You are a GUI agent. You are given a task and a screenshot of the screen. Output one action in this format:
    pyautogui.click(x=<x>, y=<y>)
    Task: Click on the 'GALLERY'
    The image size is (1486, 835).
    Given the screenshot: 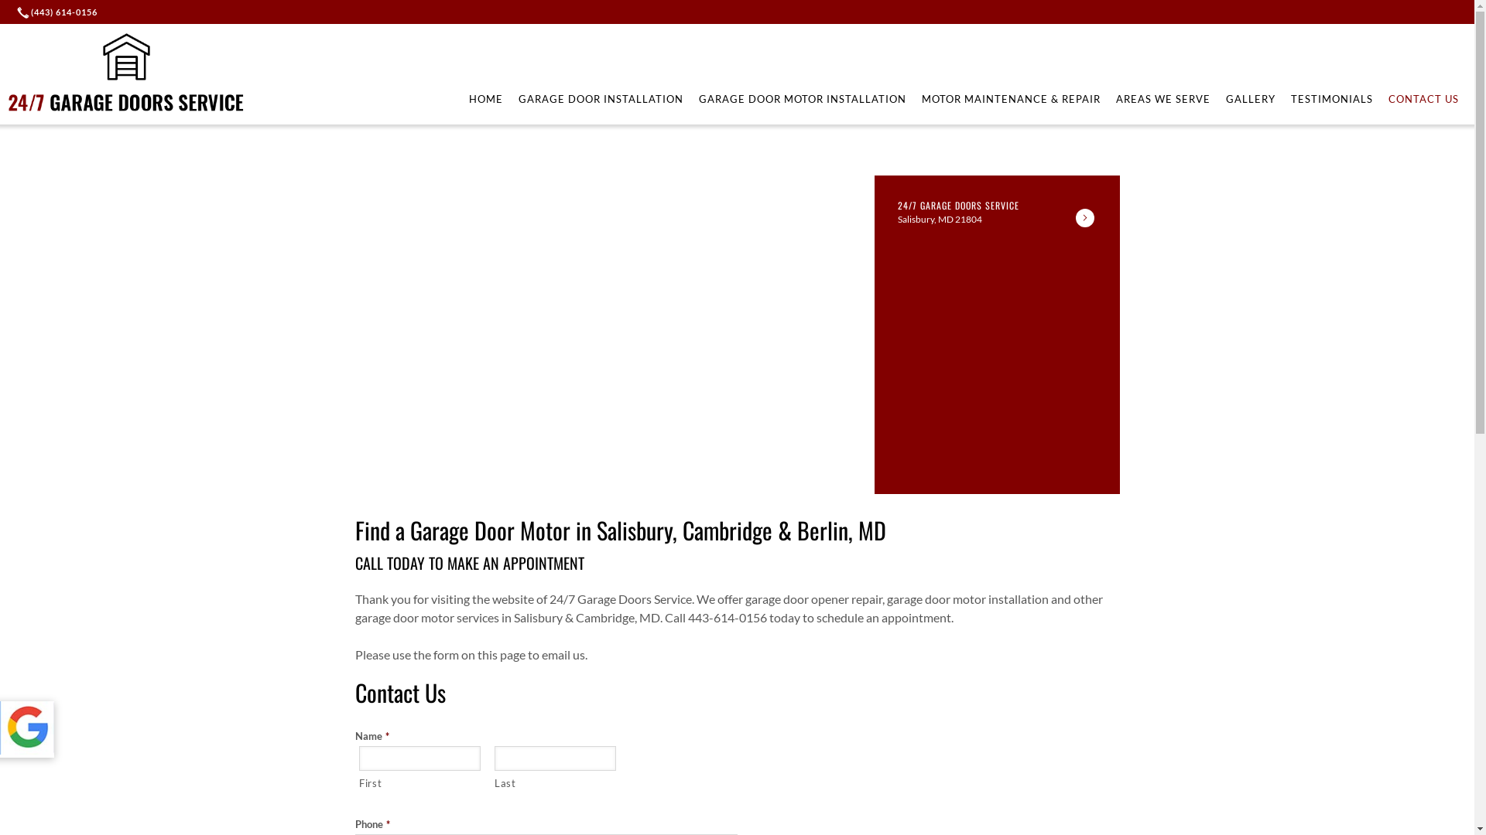 What is the action you would take?
    pyautogui.click(x=1251, y=98)
    